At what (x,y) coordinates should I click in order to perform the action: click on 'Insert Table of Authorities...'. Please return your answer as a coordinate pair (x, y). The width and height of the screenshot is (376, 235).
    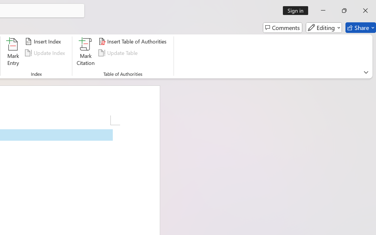
    Looking at the image, I should click on (133, 41).